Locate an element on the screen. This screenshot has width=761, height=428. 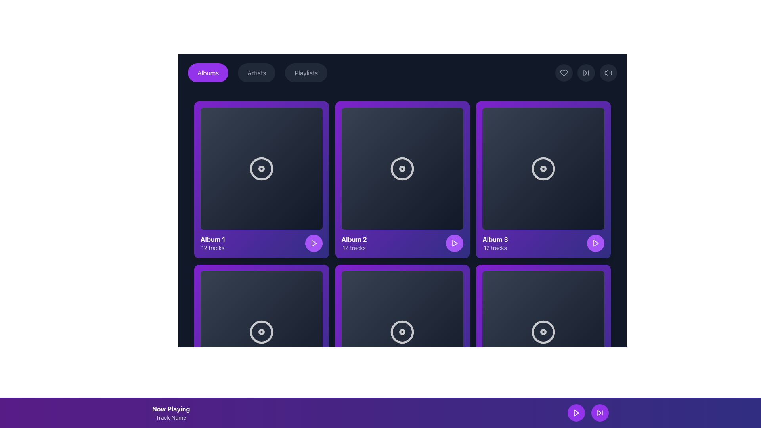
the informational label for 'Album 3' which displays '12 tracks' in a smaller font, located in the rightmost column of the top row in a purple background grid layout is located at coordinates (495, 243).